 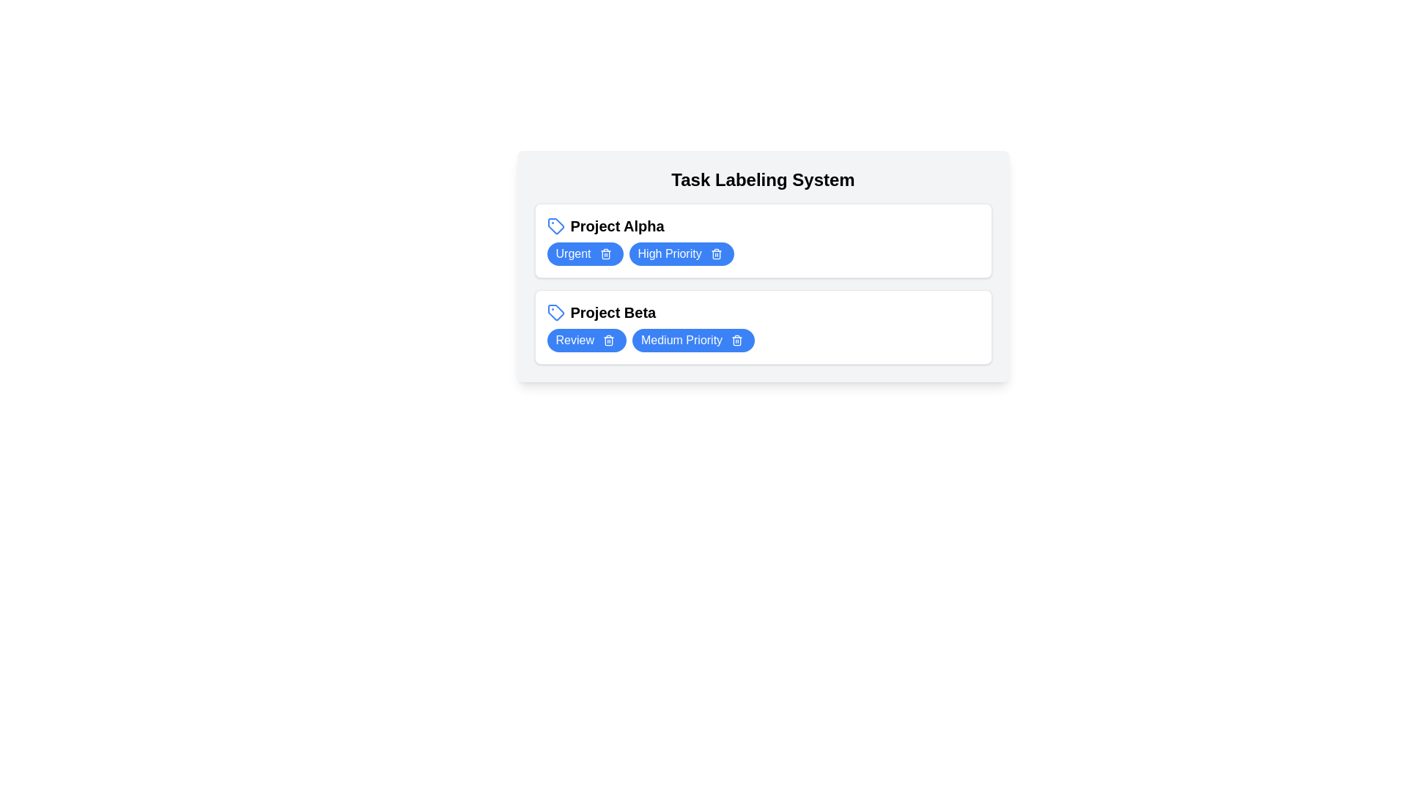 What do you see at coordinates (608, 341) in the screenshot?
I see `the trash icon associated with the tag Review in project Project Beta` at bounding box center [608, 341].